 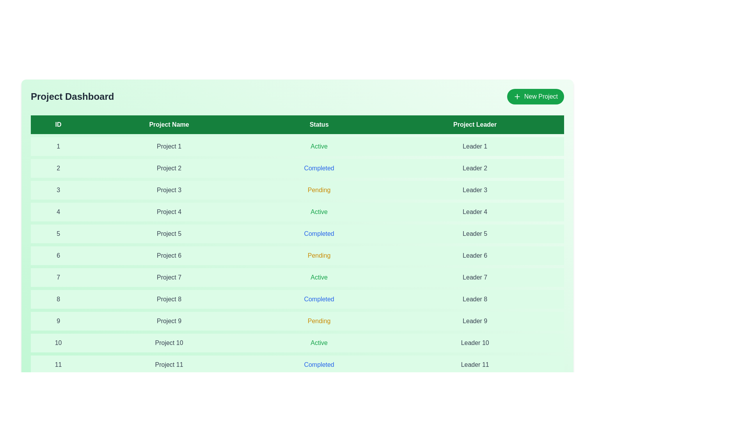 I want to click on 'New Project' button, so click(x=535, y=96).